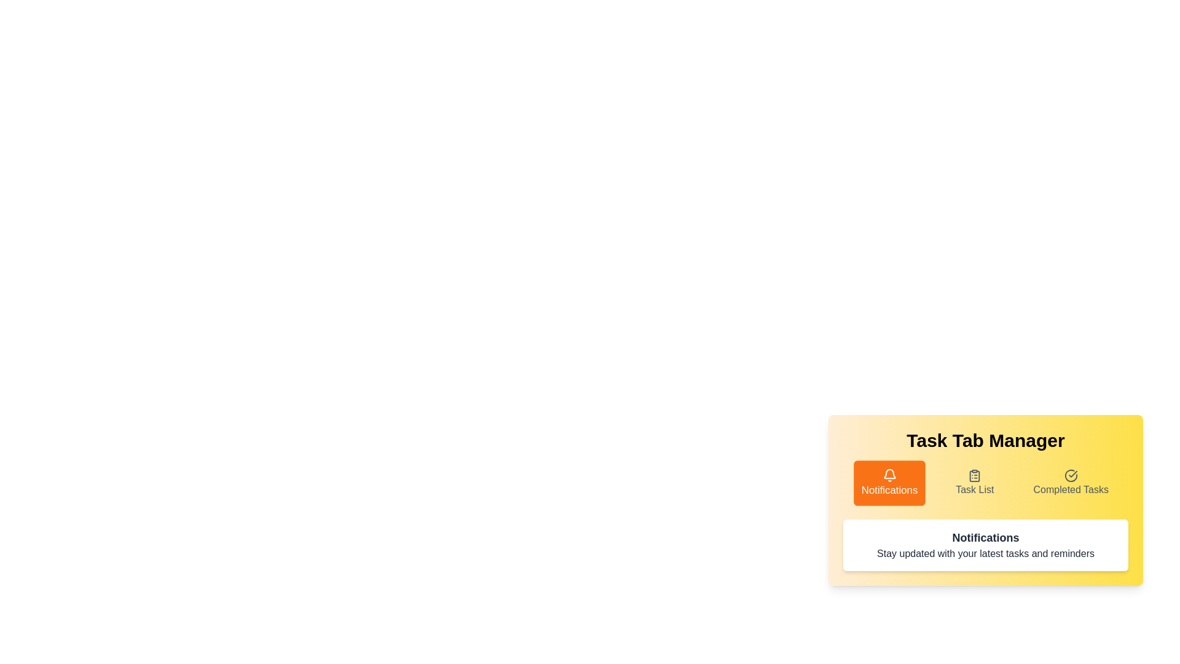 The height and width of the screenshot is (664, 1180). What do you see at coordinates (985, 545) in the screenshot?
I see `the text area to select the text` at bounding box center [985, 545].